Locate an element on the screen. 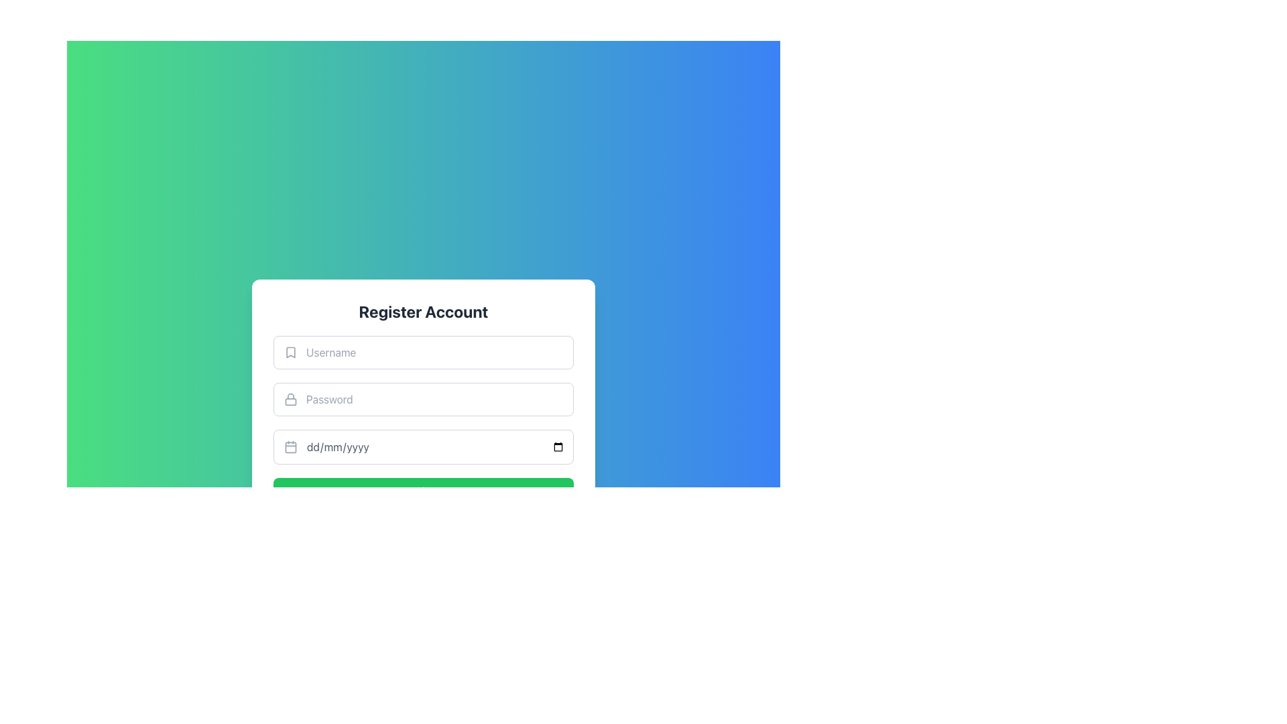  the Date Input Field located below the 'Password' field and above the 'Register' button to focus on it is located at coordinates (423, 447).